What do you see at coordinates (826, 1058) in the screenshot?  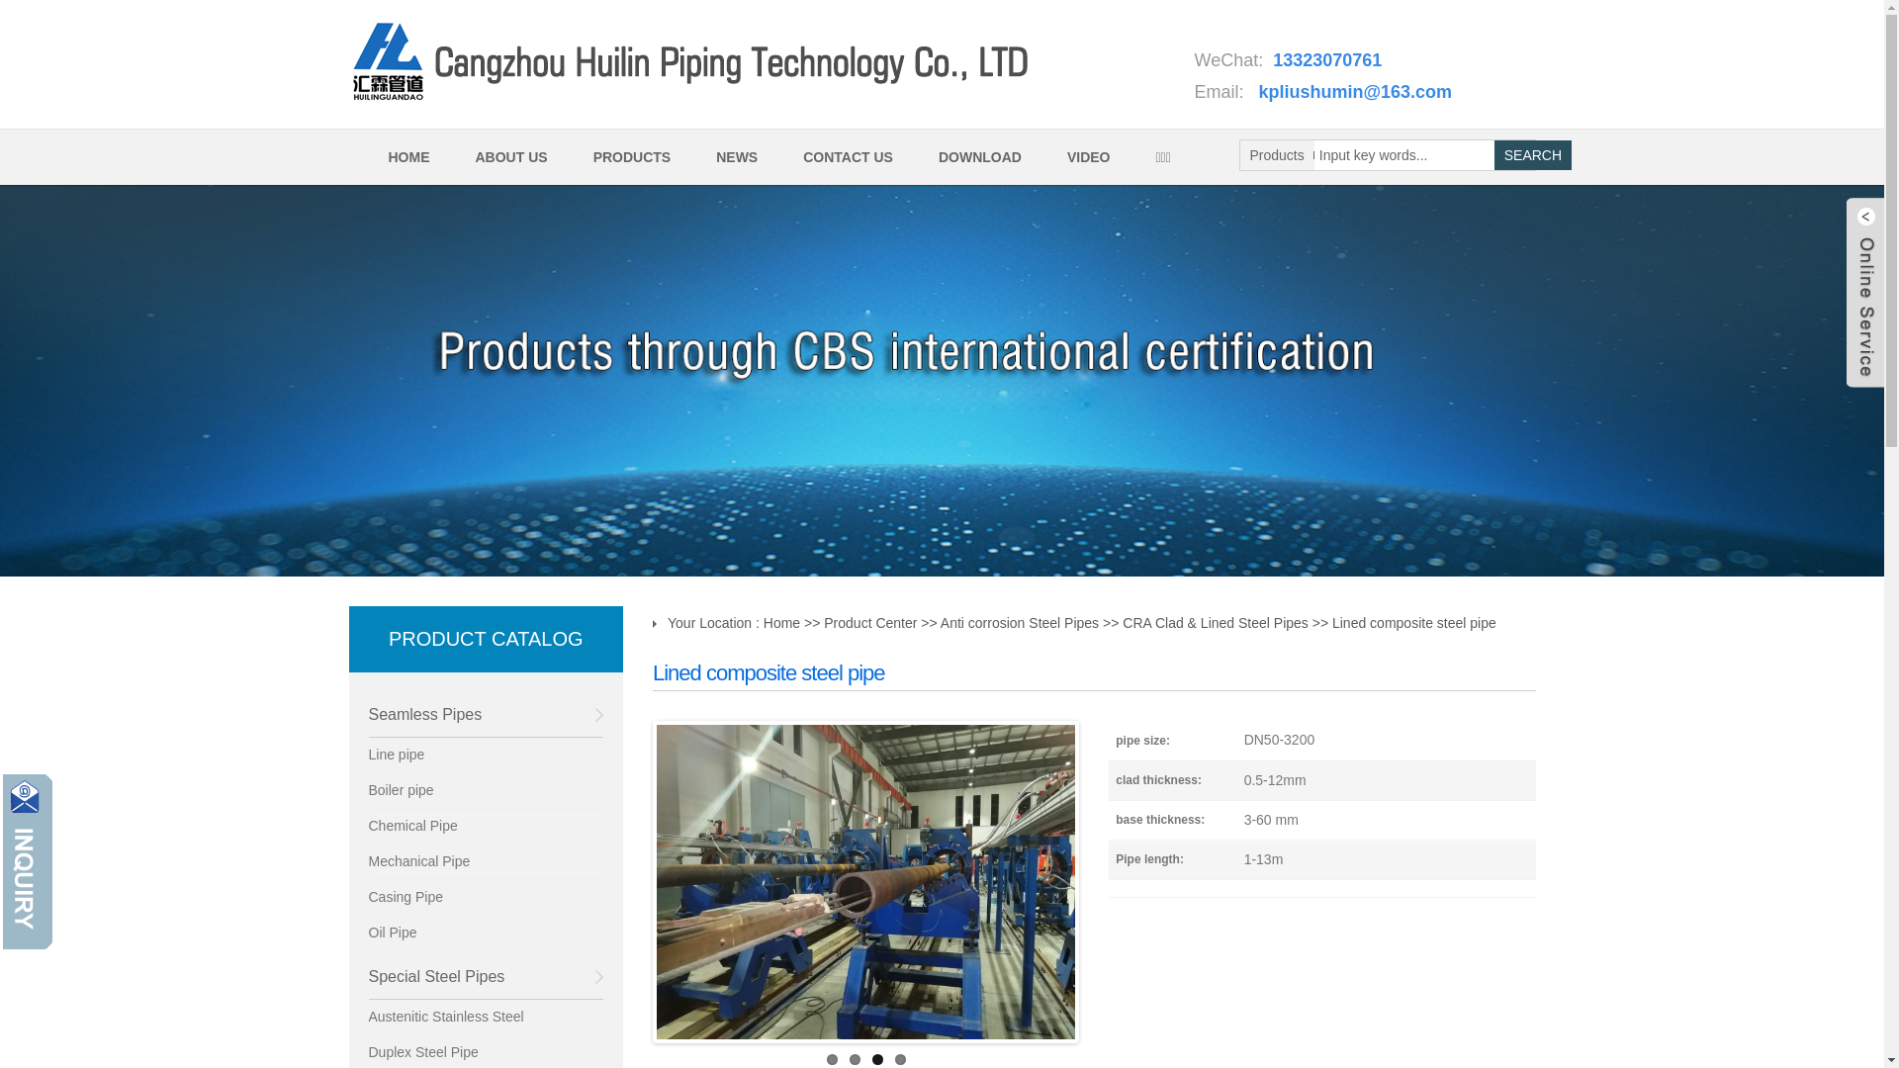 I see `'1'` at bounding box center [826, 1058].